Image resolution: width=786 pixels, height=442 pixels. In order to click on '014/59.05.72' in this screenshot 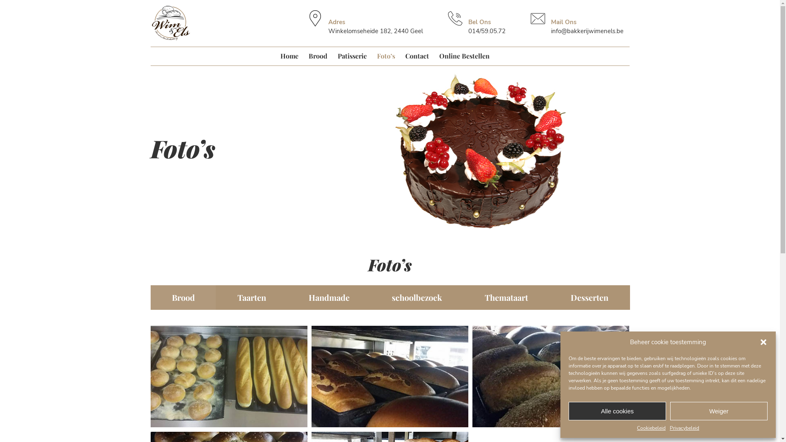, I will do `click(468, 31)`.